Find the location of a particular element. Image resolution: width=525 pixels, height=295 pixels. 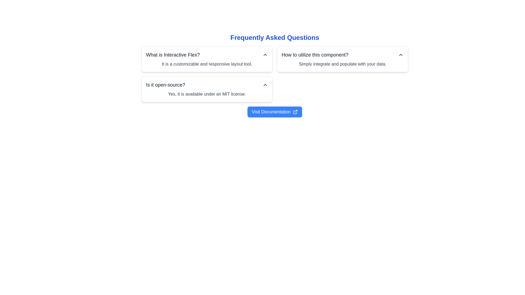

the third SVG shape element embedded within the 'Visit Documentation' button, located near the bottom right of the interface is located at coordinates (294, 112).